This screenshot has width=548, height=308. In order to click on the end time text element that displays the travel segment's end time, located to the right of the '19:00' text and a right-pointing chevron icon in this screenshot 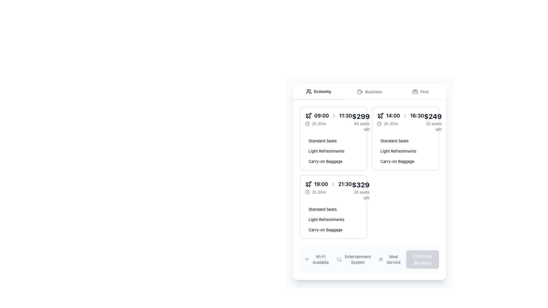, I will do `click(345, 184)`.